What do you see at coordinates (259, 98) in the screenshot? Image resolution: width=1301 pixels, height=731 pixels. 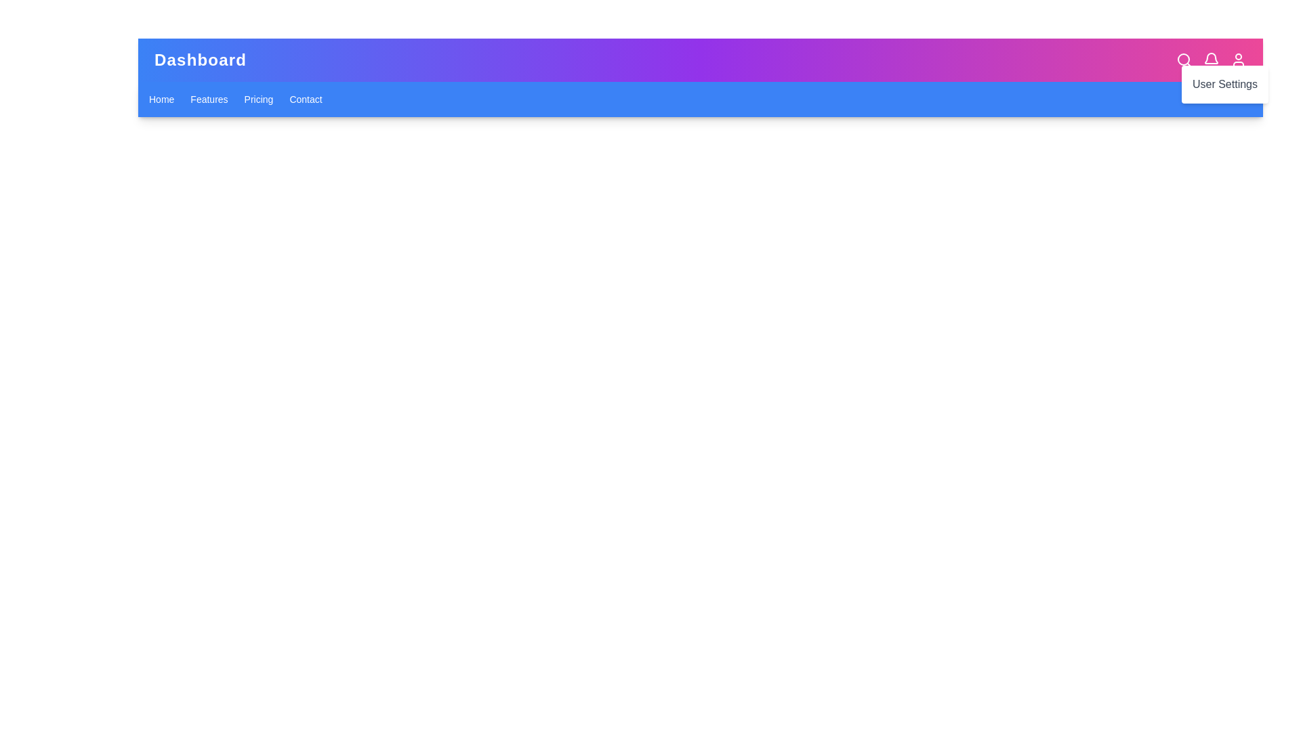 I see `the navigation menu item Pricing` at bounding box center [259, 98].